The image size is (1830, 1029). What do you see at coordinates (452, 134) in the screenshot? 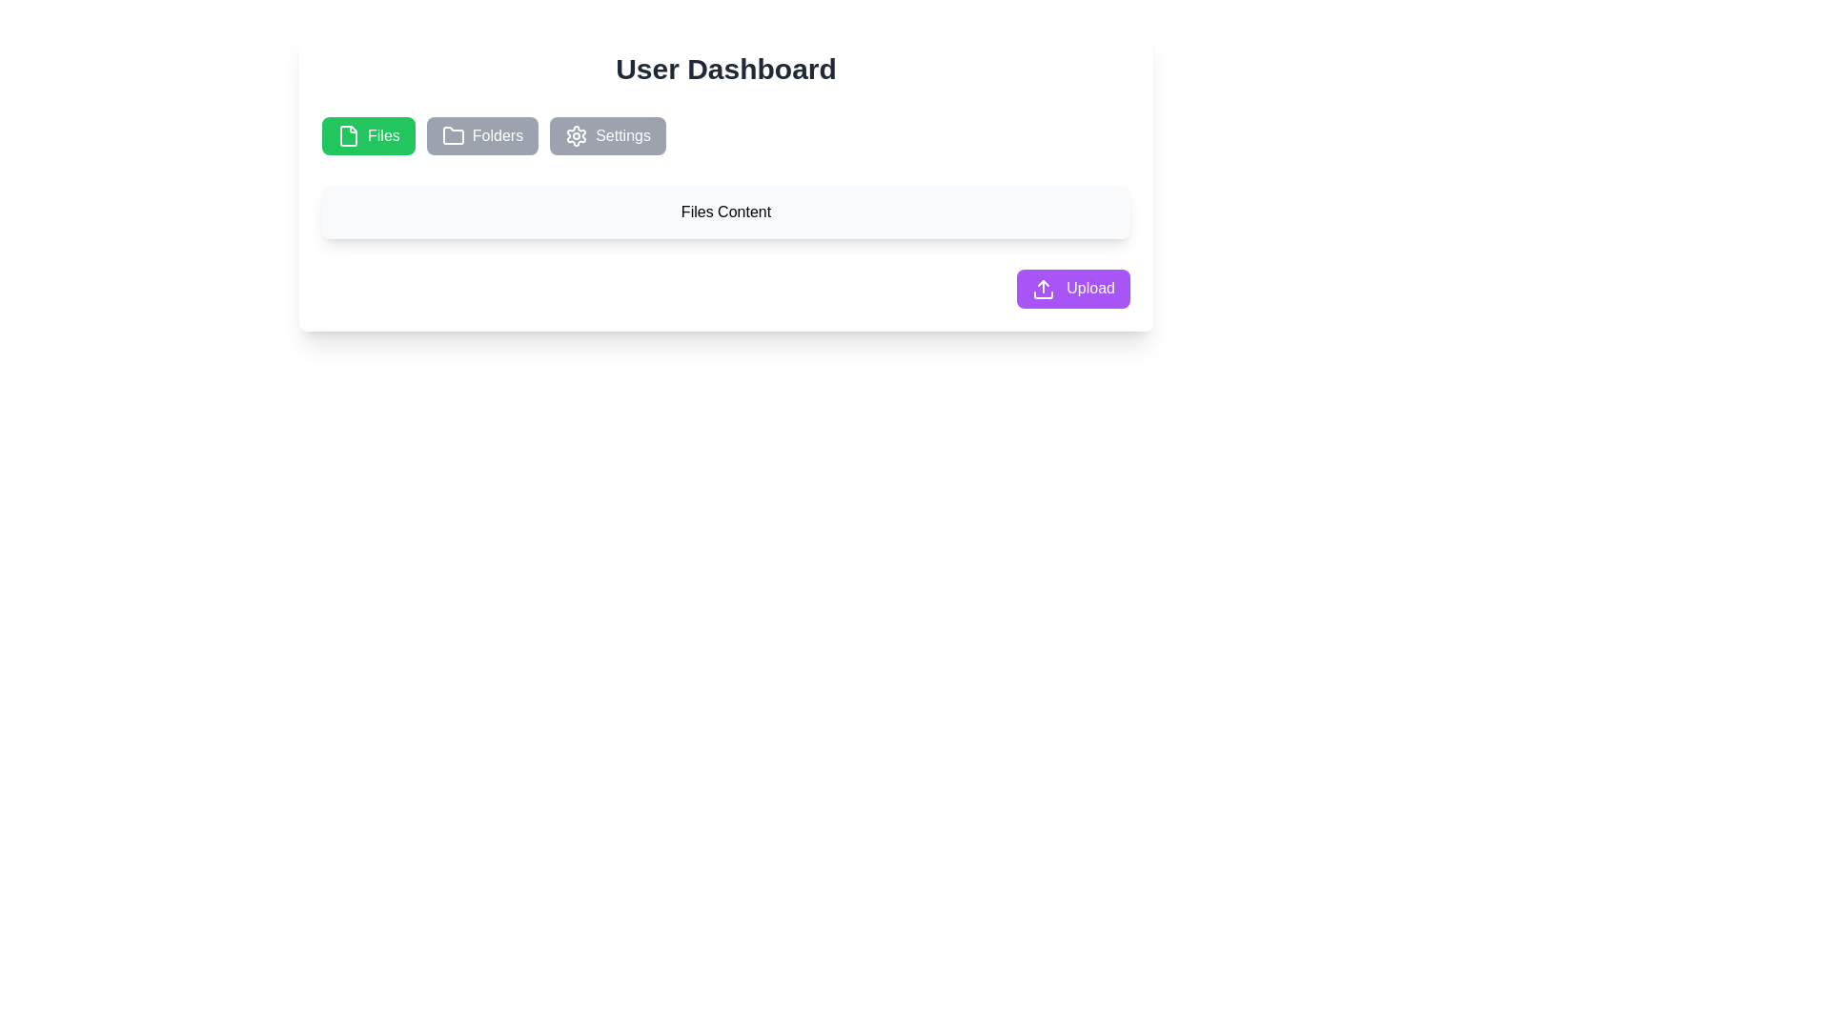
I see `the 'Folders' icon, which is the second button from the left in the top row of buttons, located between the 'Files' button and the 'Settings' button` at bounding box center [452, 134].